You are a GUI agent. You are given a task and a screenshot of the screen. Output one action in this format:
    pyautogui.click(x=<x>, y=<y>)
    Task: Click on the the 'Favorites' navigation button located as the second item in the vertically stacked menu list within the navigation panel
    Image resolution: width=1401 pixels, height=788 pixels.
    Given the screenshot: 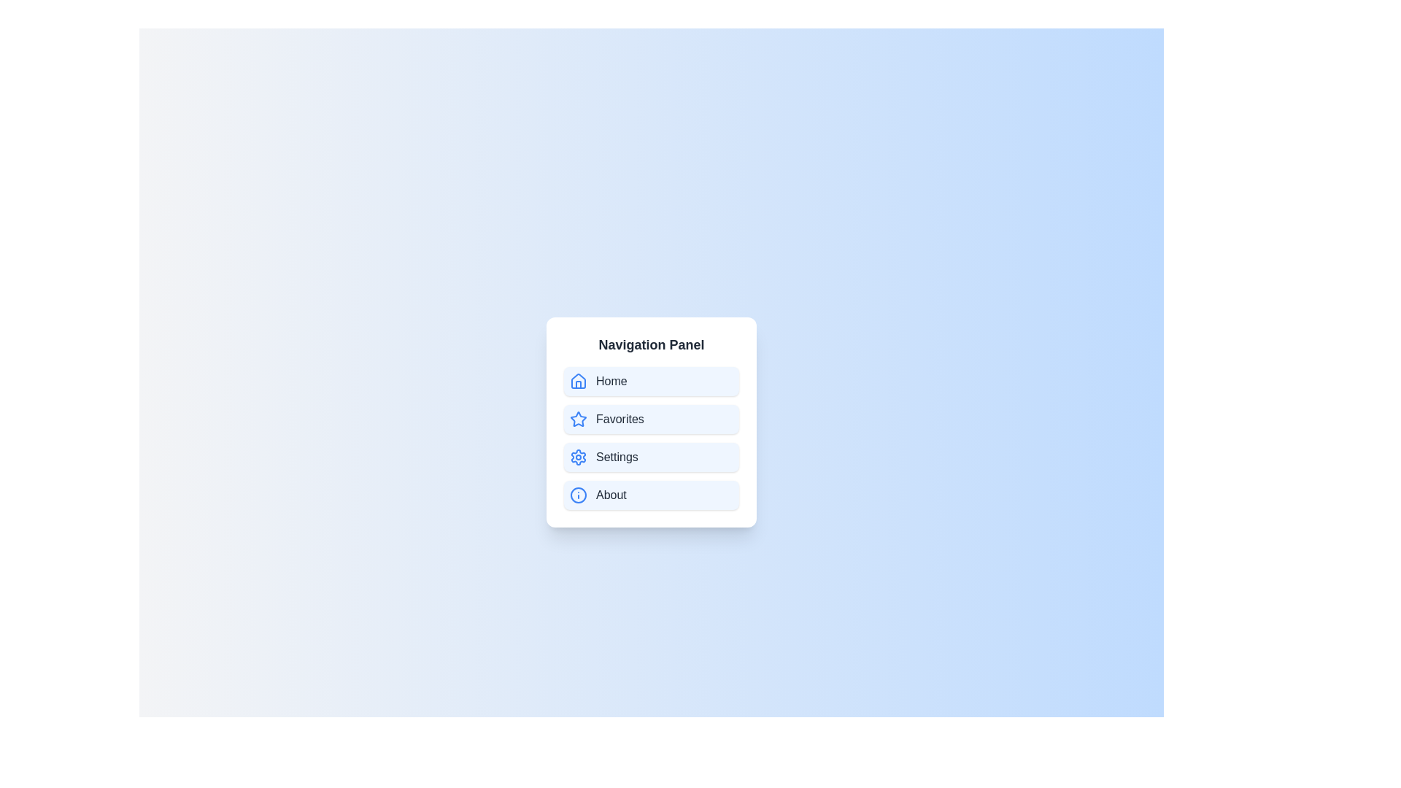 What is the action you would take?
    pyautogui.click(x=650, y=422)
    